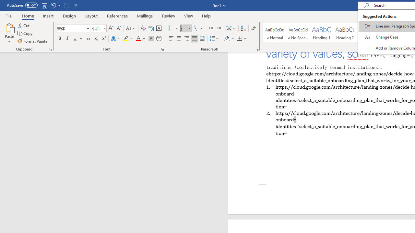  What do you see at coordinates (150, 28) in the screenshot?
I see `'Phonetic Guide...'` at bounding box center [150, 28].